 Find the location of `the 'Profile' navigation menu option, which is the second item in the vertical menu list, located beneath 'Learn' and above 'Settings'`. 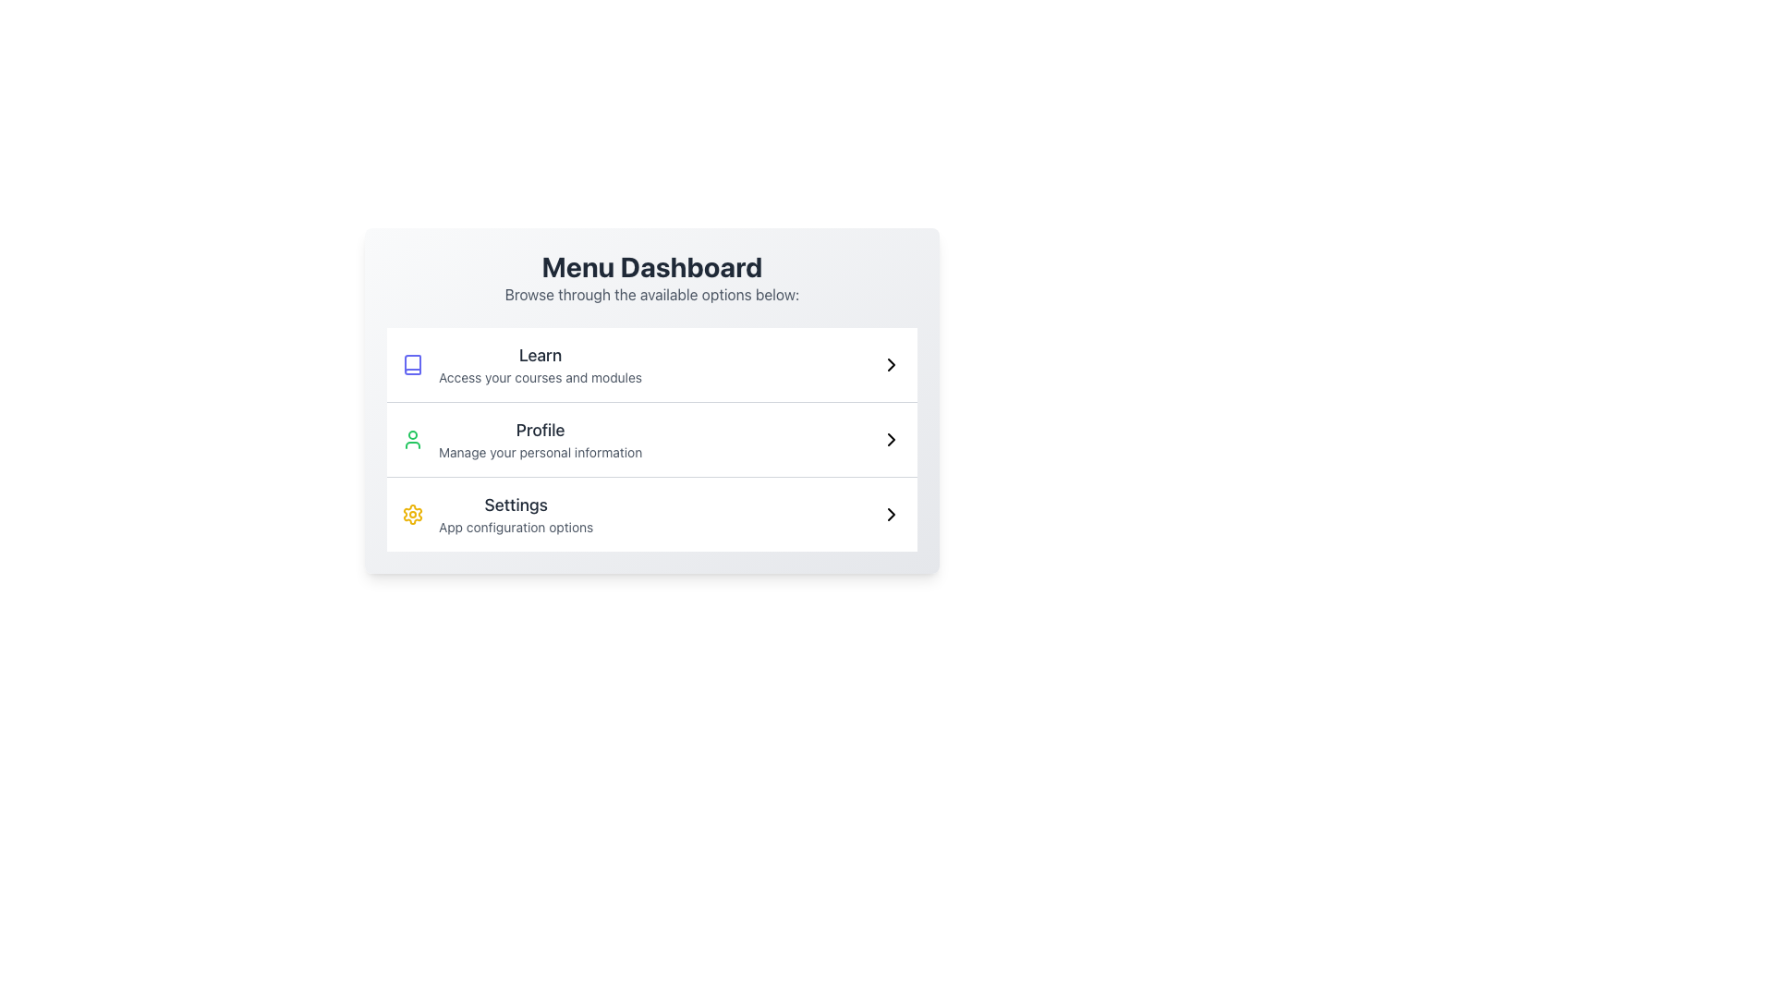

the 'Profile' navigation menu option, which is the second item in the vertical menu list, located beneath 'Learn' and above 'Settings' is located at coordinates (521, 439).